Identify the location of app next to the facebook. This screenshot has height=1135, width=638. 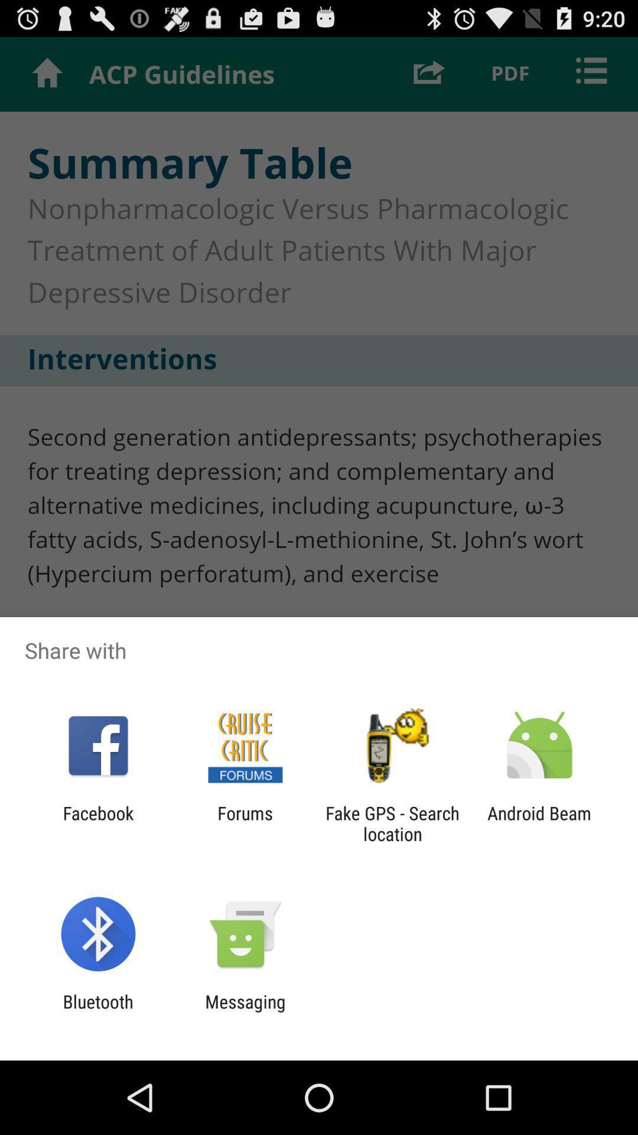
(245, 823).